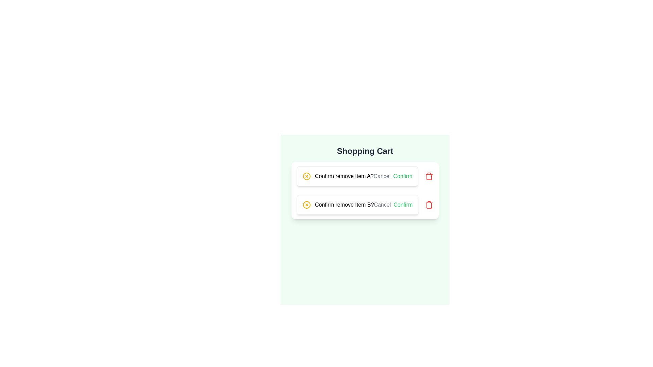 The width and height of the screenshot is (653, 367). Describe the element at coordinates (306, 176) in the screenshot. I see `the warning icon with a yellow border and red cross` at that location.